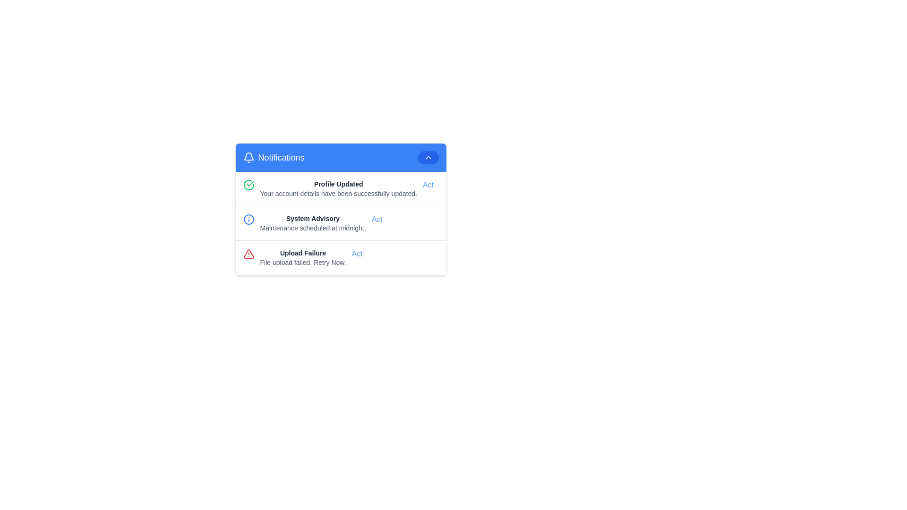  Describe the element at coordinates (357, 253) in the screenshot. I see `the actionable button labeled 'Retry Now.' within the 'Upload Failure: File upload failed.' notification` at that location.